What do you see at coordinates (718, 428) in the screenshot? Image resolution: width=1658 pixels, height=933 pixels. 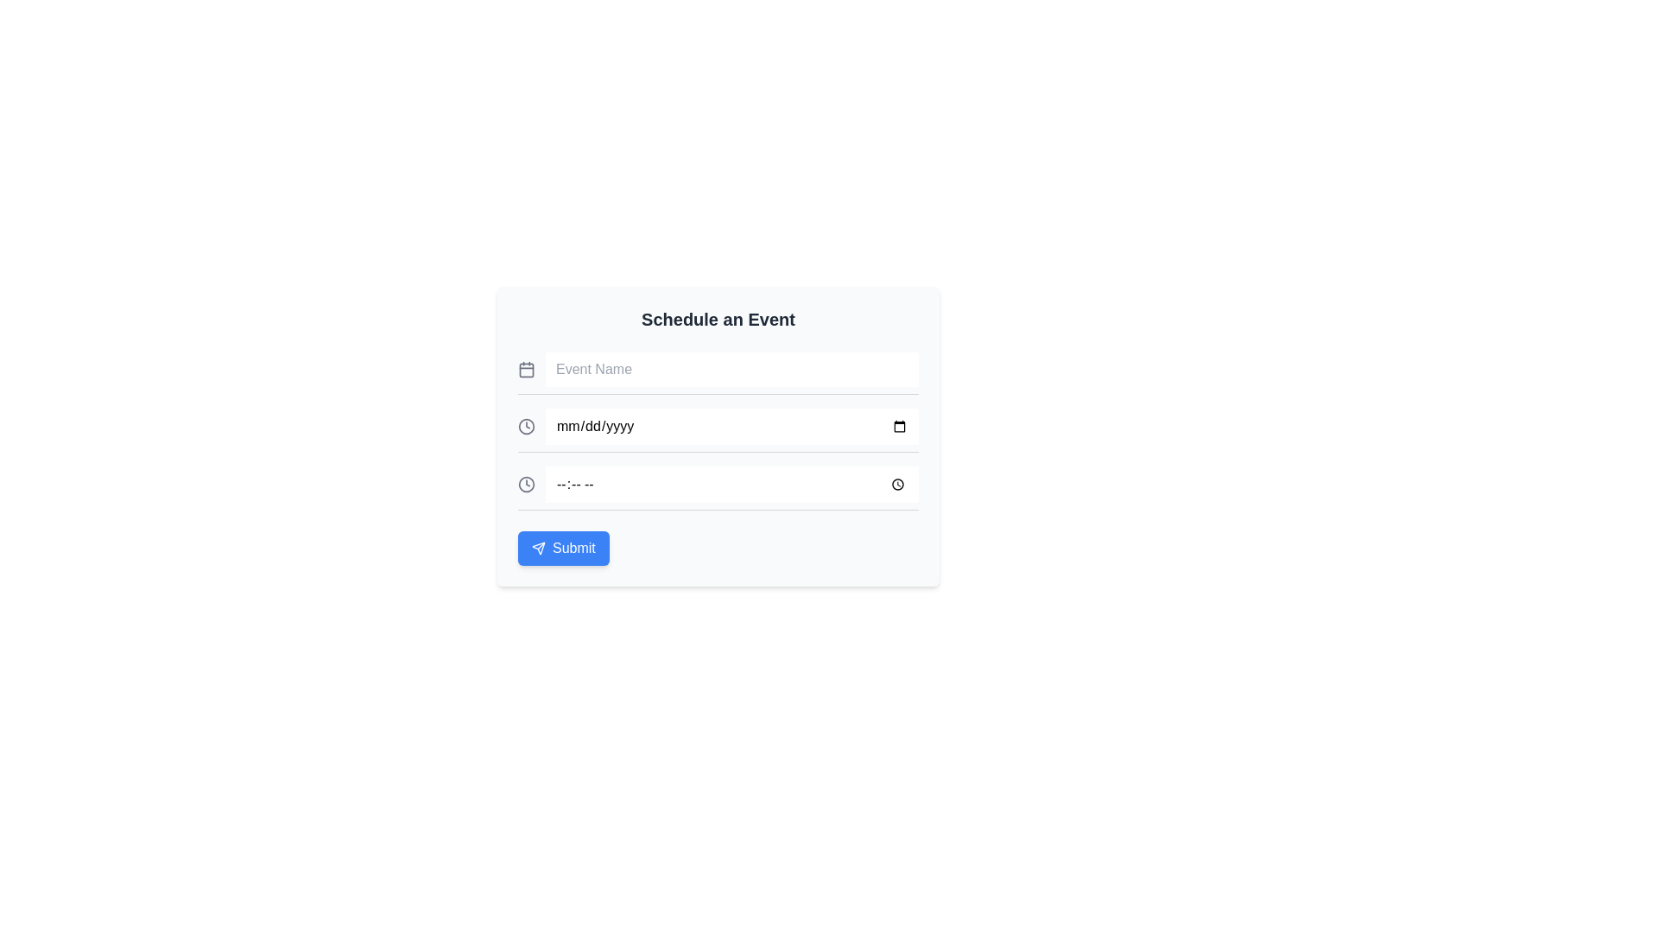 I see `the Date input field within the 'Schedule an Event' form` at bounding box center [718, 428].